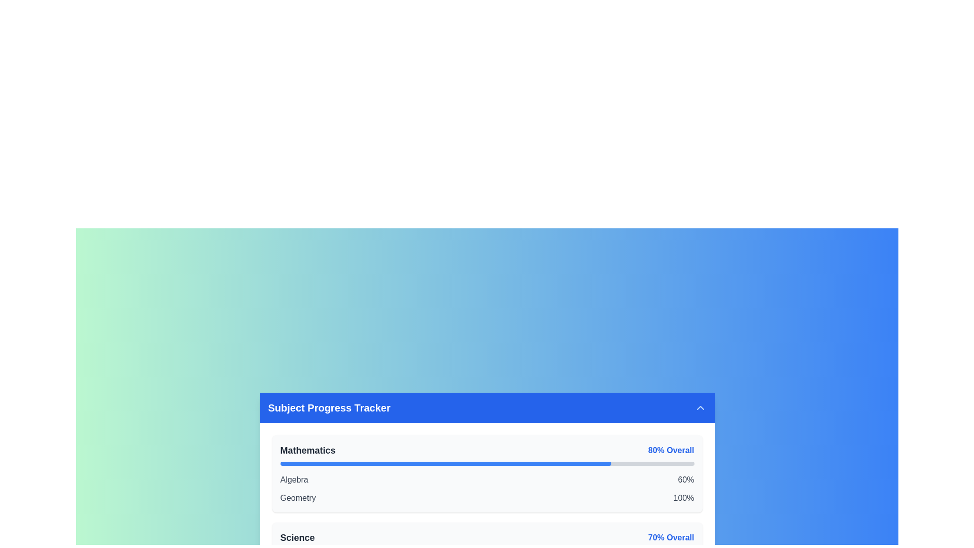 The width and height of the screenshot is (974, 548). I want to click on the text element displaying '60%' which is styled in a dark font and is located to the far-right side of the row labeled 'Algebra', so click(686, 479).